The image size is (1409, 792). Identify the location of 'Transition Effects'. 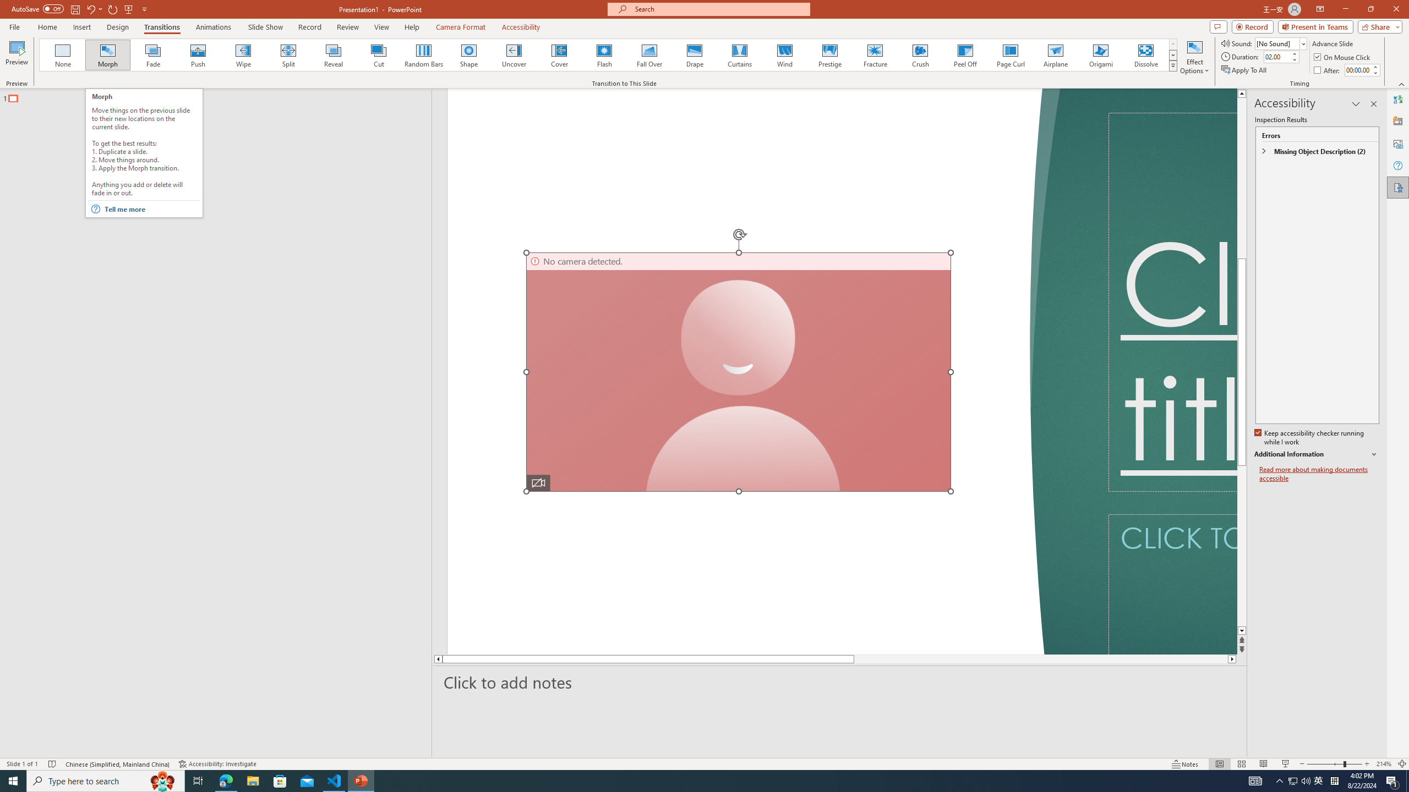
(1173, 65).